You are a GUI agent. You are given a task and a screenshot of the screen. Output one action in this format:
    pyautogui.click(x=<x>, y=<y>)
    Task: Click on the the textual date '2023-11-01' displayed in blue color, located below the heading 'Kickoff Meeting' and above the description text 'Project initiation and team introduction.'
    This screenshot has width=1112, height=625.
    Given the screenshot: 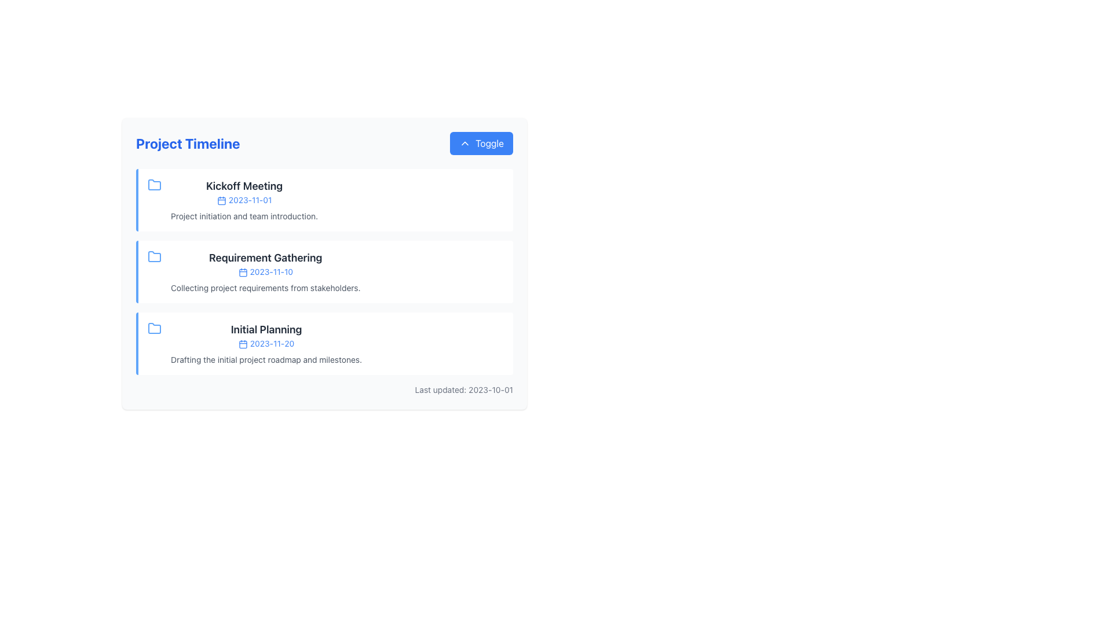 What is the action you would take?
    pyautogui.click(x=244, y=200)
    